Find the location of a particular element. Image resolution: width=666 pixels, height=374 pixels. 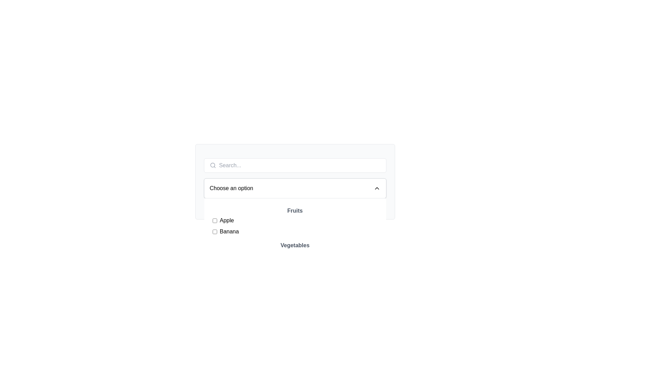

the icon that serves as an indicator for collapsing or closing a dropdown menu, located on the right side of the 'Choose an option' text field is located at coordinates (376, 188).